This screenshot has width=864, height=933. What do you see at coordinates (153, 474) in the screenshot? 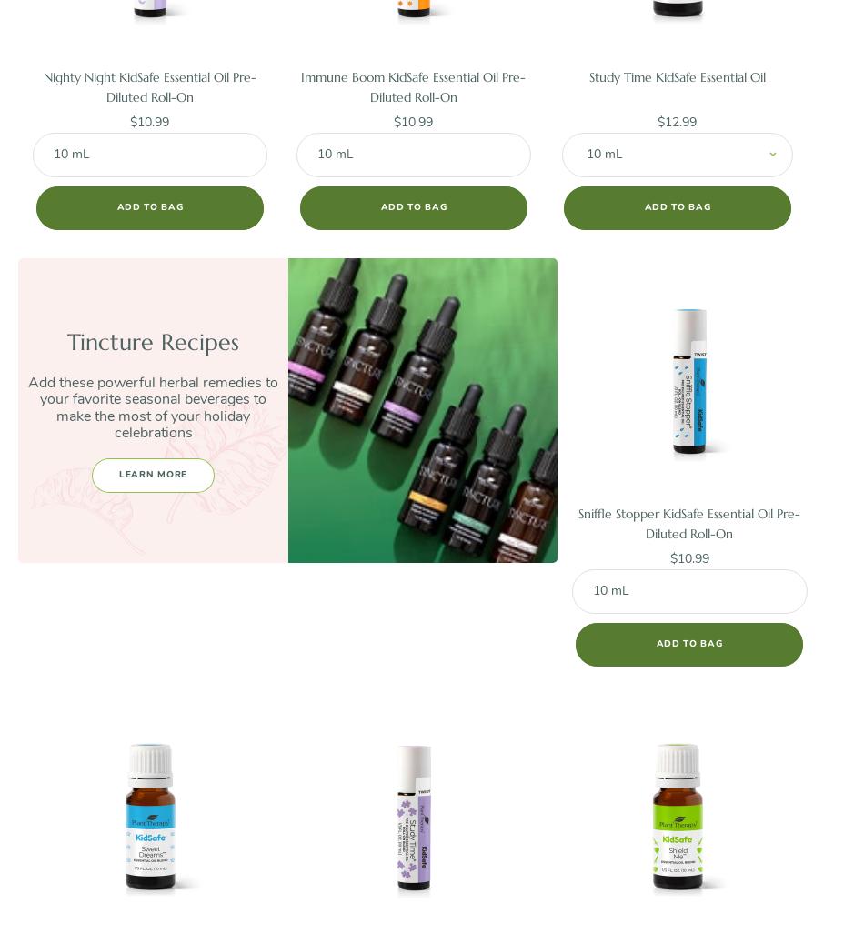
I see `'Learn More'` at bounding box center [153, 474].